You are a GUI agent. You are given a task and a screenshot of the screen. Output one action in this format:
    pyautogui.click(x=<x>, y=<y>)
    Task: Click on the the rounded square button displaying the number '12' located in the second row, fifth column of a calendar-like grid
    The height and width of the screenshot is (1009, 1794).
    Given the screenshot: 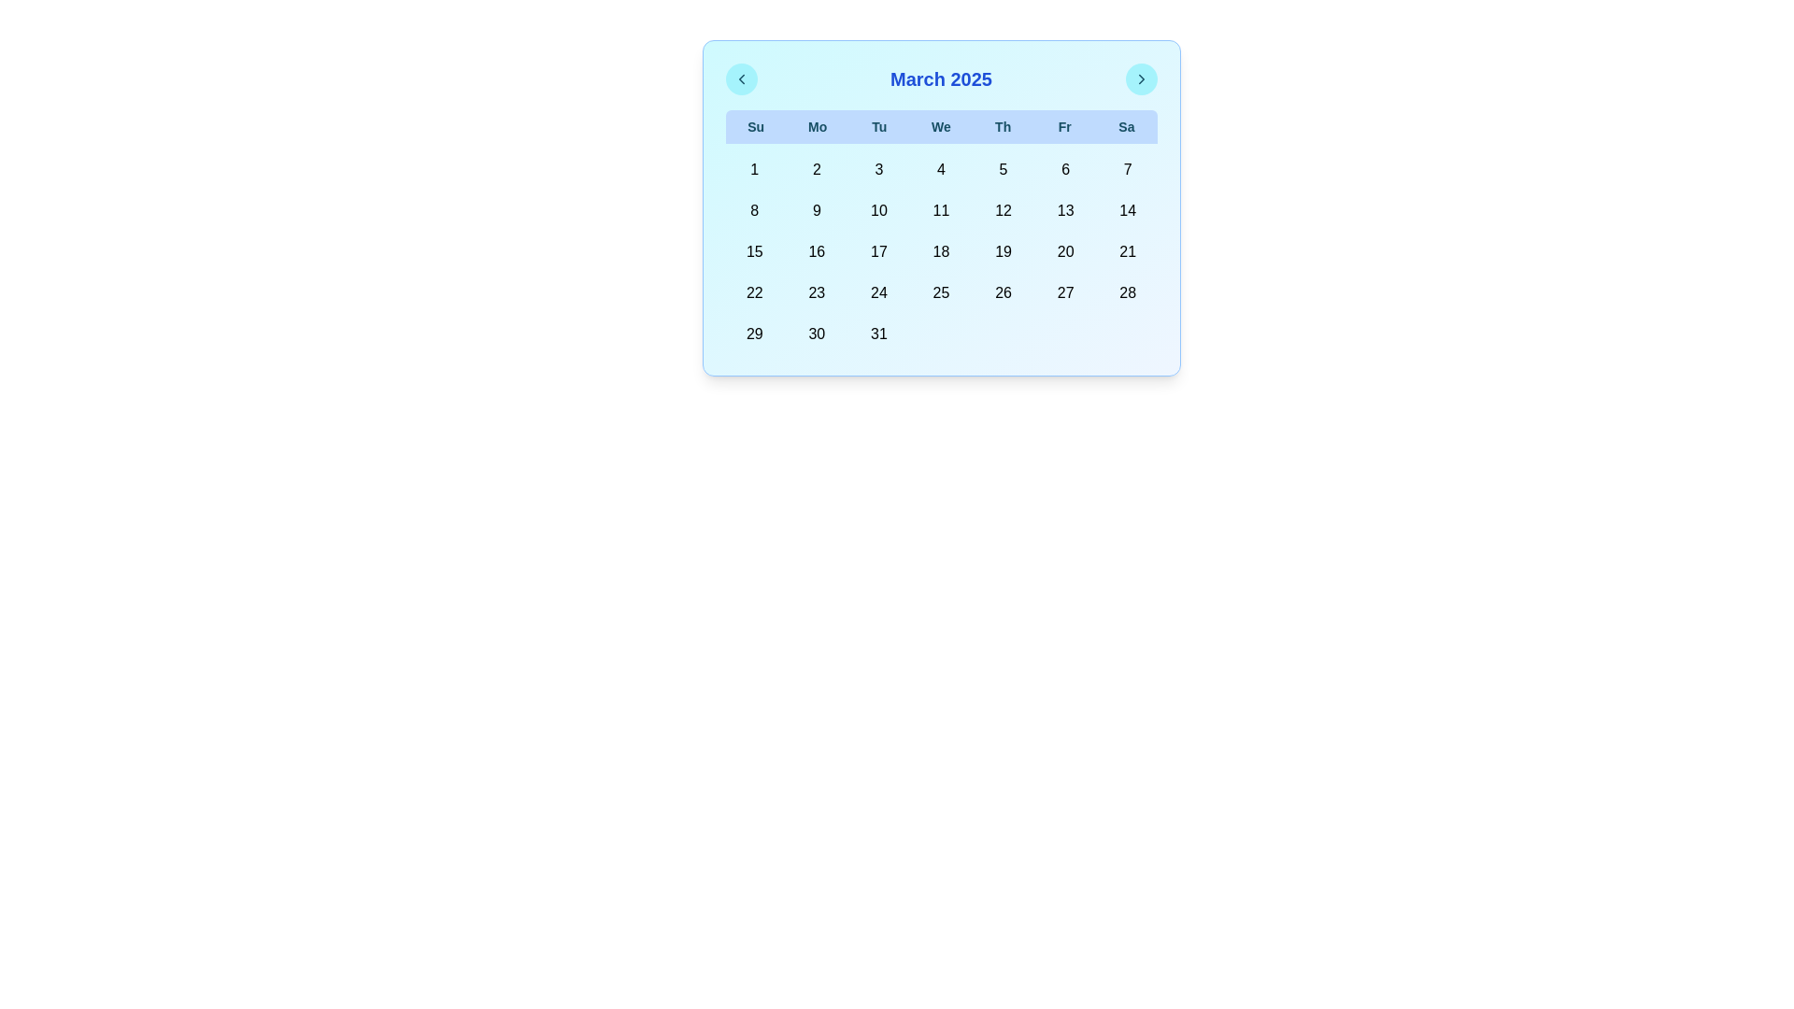 What is the action you would take?
    pyautogui.click(x=1003, y=210)
    